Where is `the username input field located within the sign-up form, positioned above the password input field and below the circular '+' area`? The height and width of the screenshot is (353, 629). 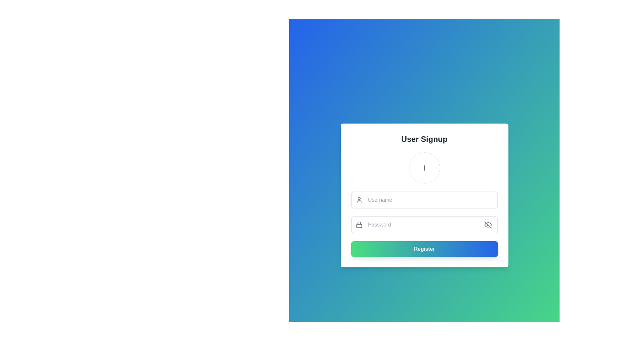
the username input field located within the sign-up form, positioned above the password input field and below the circular '+' area is located at coordinates (424, 195).